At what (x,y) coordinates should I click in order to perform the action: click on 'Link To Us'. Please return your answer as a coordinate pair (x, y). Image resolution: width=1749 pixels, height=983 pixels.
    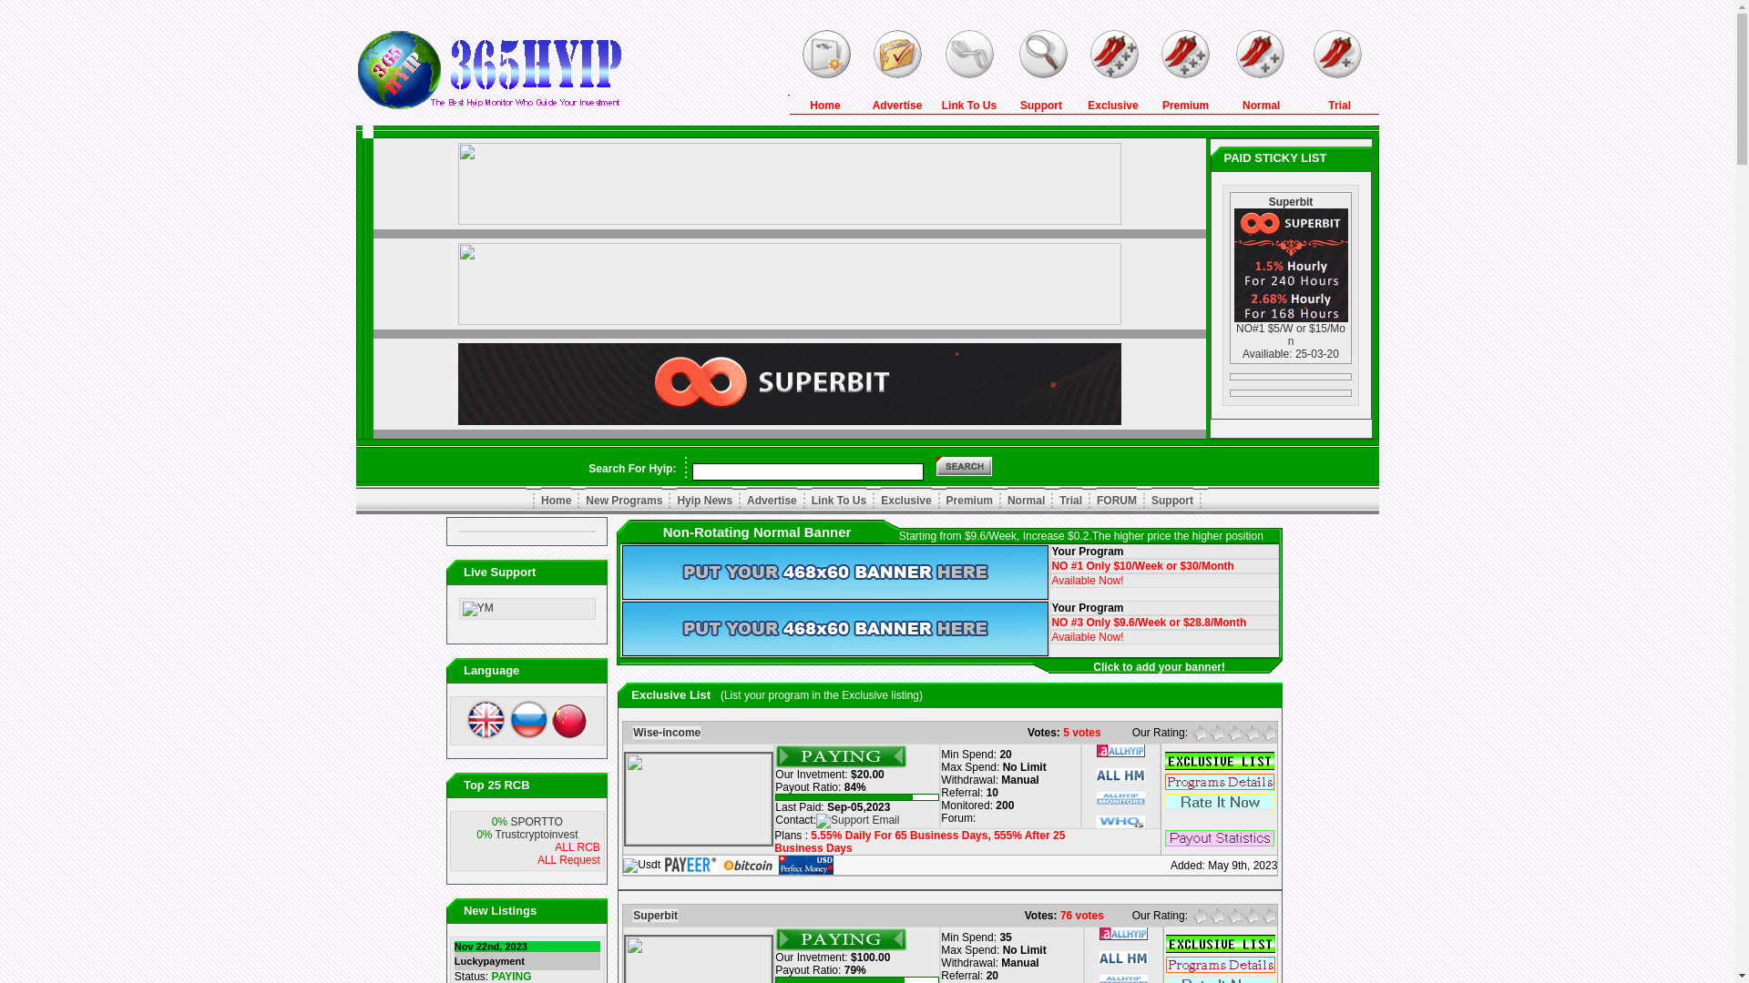
    Looking at the image, I should click on (968, 105).